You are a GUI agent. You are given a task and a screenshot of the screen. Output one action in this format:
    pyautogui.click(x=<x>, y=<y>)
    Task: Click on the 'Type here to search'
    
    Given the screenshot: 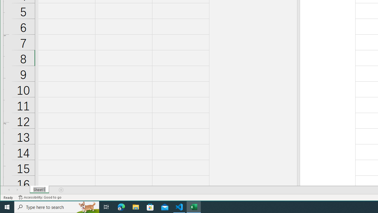 What is the action you would take?
    pyautogui.click(x=57, y=206)
    